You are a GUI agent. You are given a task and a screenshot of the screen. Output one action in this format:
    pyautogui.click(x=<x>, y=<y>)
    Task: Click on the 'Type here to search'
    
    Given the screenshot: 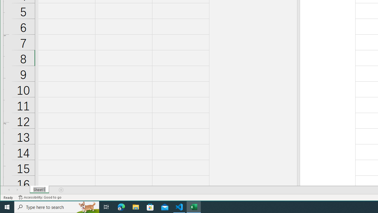 What is the action you would take?
    pyautogui.click(x=57, y=206)
    